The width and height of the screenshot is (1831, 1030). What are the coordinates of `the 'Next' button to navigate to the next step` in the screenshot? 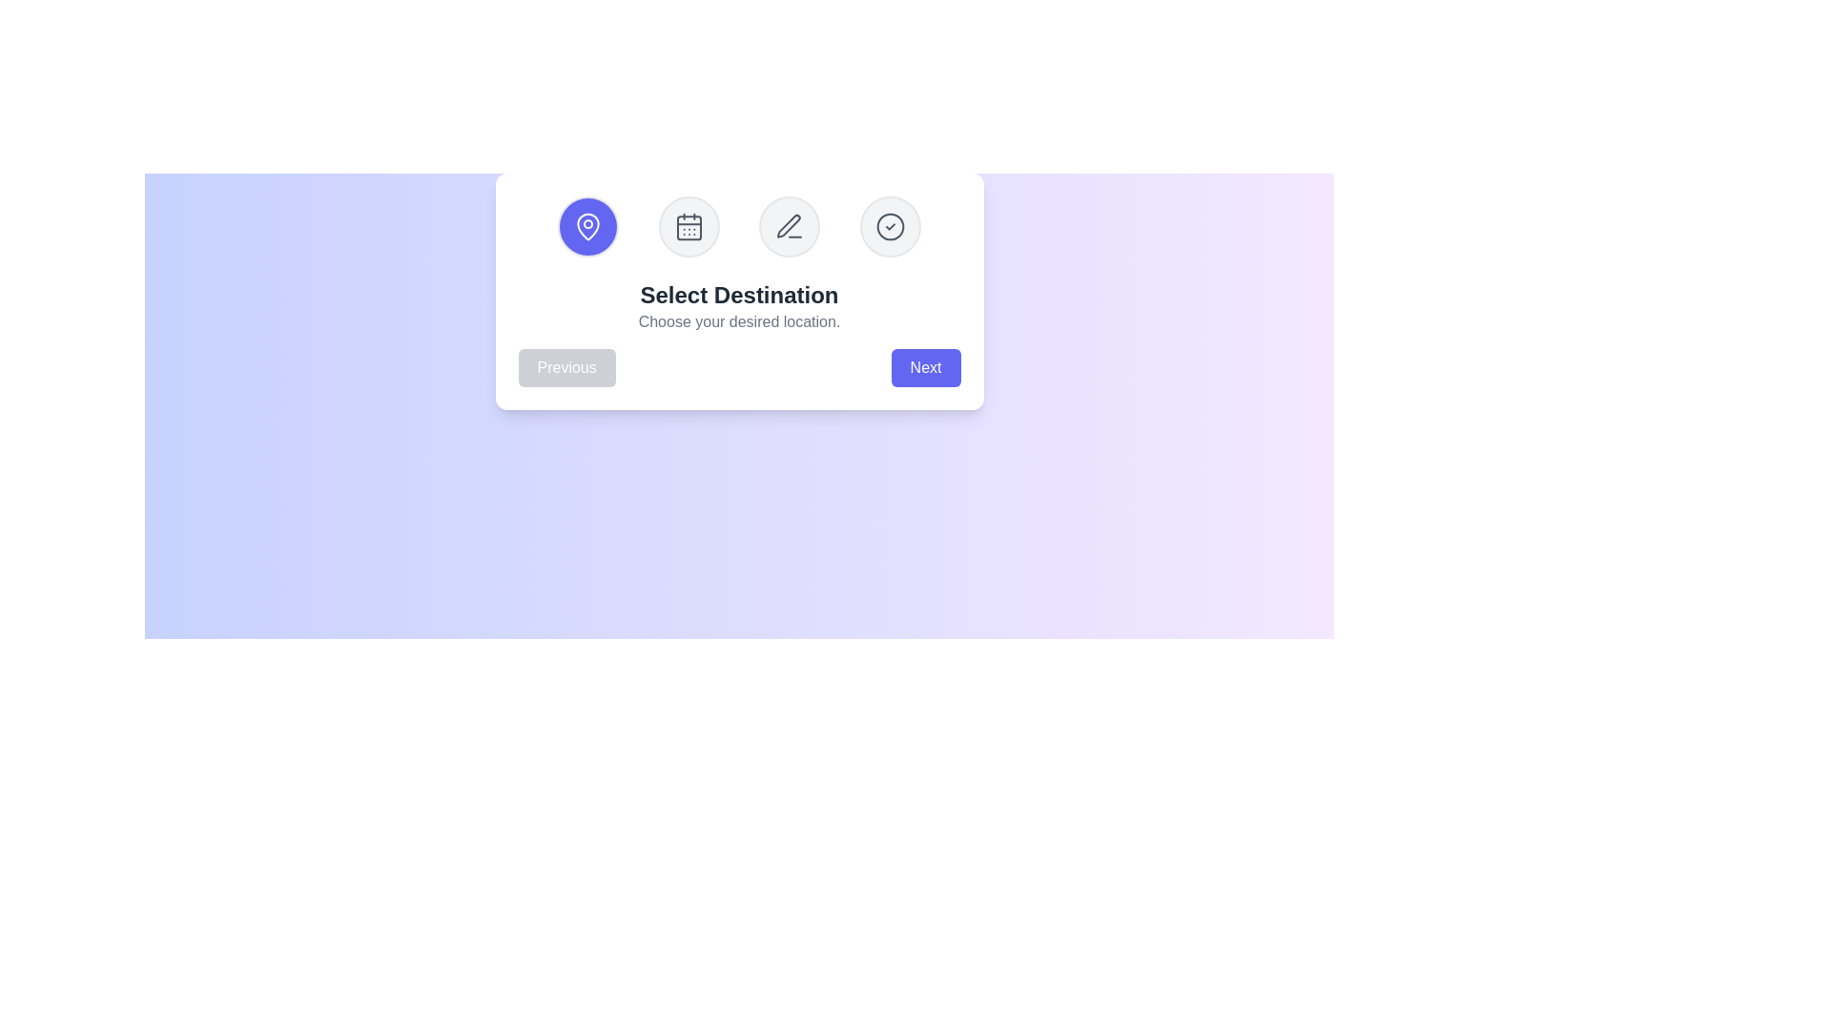 It's located at (925, 367).